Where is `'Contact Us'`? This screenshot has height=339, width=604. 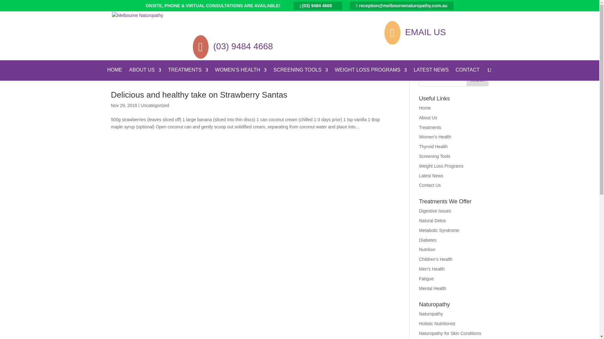
'Contact Us' is located at coordinates (429, 185).